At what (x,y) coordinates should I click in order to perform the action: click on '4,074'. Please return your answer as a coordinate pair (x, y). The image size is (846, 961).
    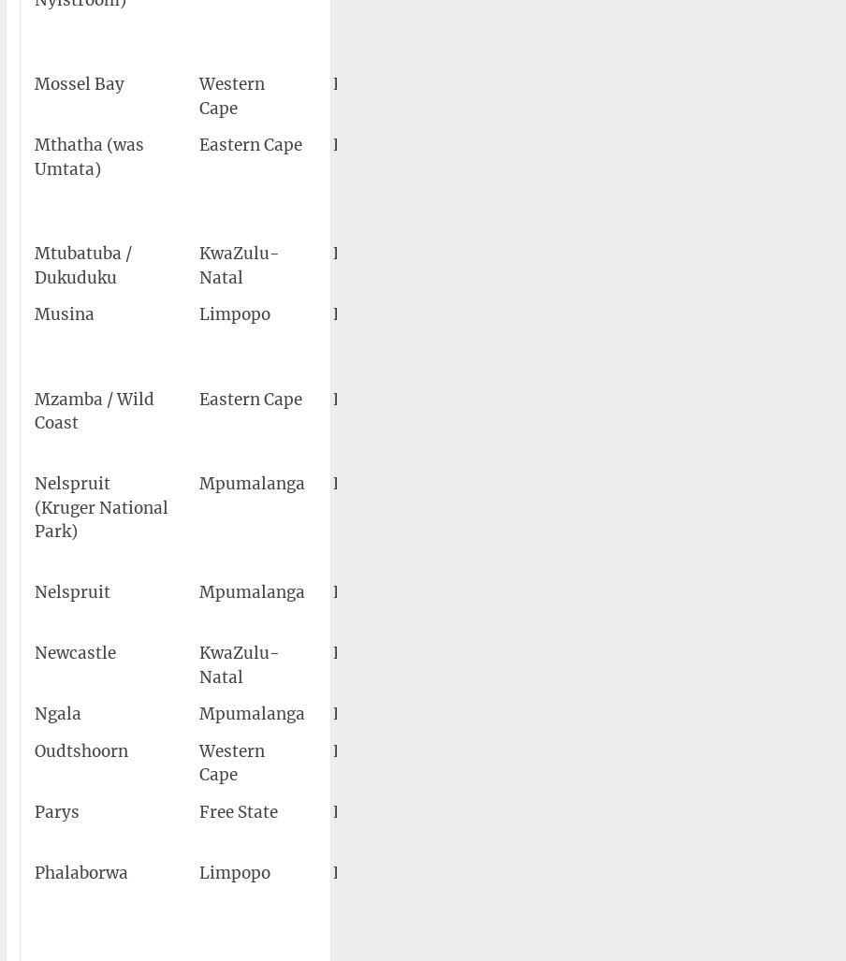
    Looking at the image, I should click on (807, 652).